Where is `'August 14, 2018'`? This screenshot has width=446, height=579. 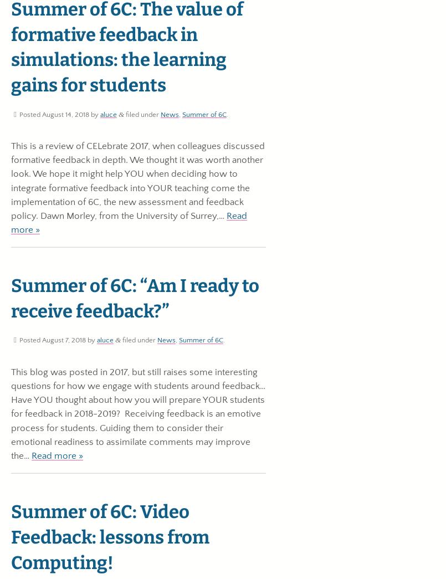
'August 14, 2018' is located at coordinates (65, 114).